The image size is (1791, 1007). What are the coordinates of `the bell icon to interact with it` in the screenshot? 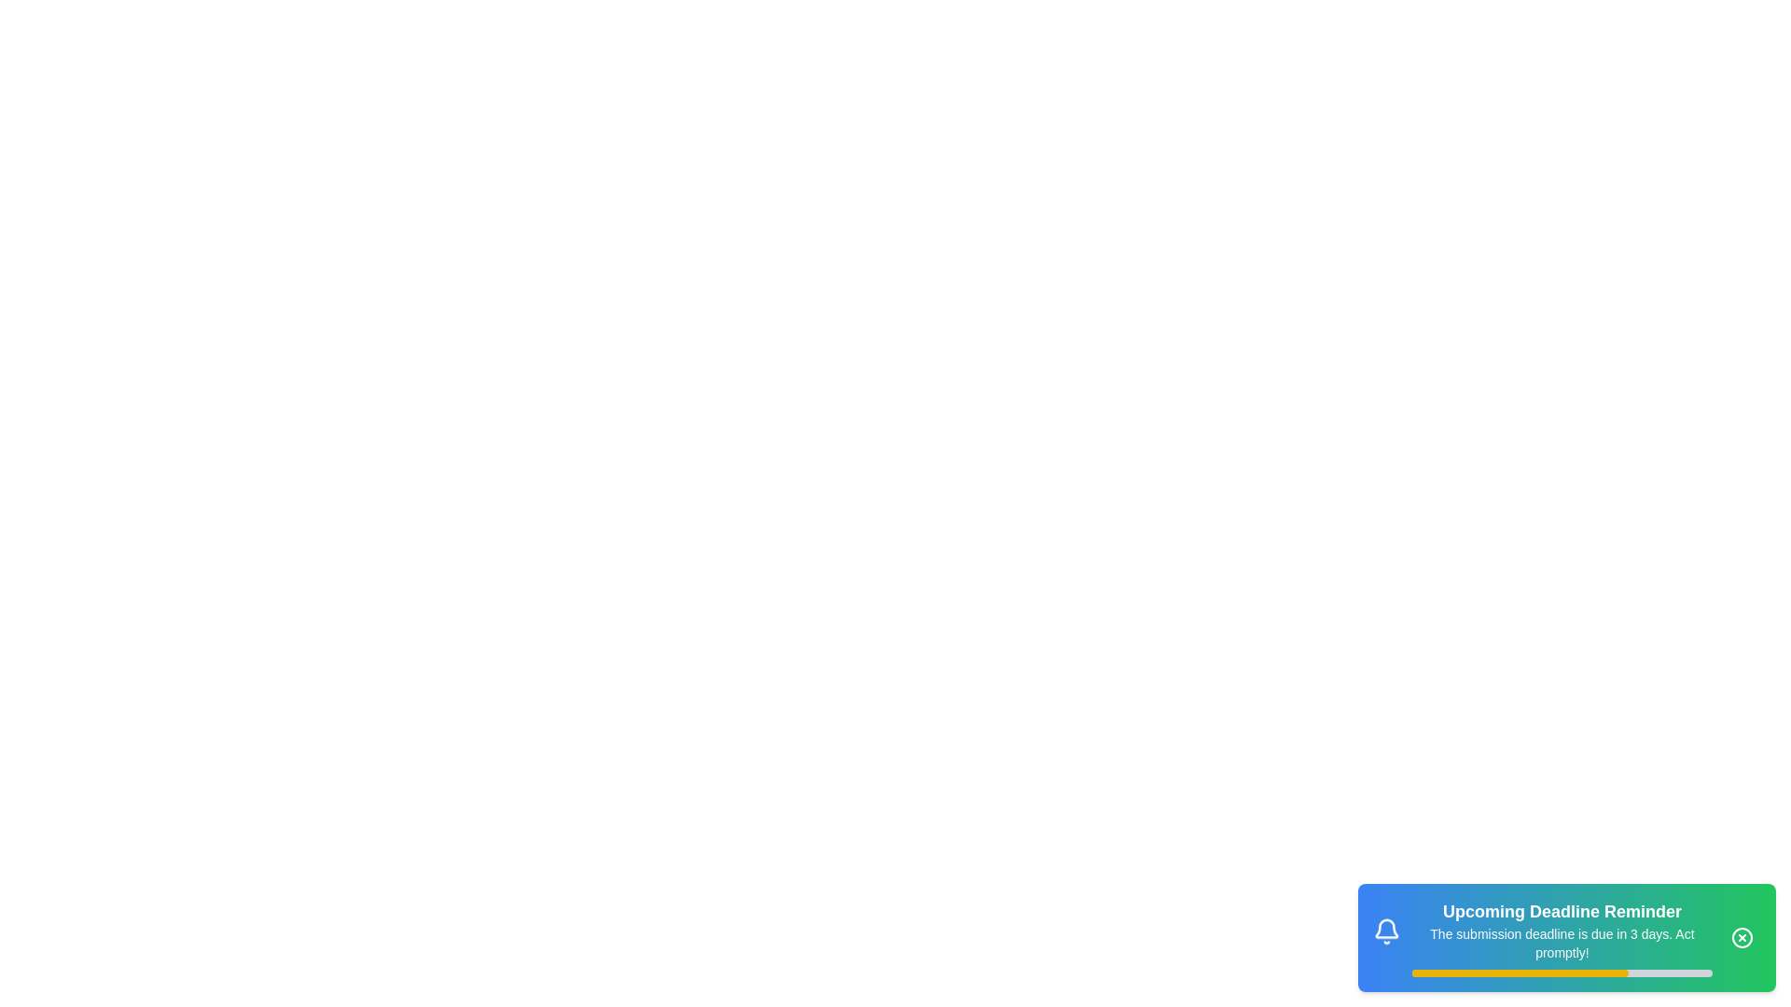 It's located at (1387, 934).